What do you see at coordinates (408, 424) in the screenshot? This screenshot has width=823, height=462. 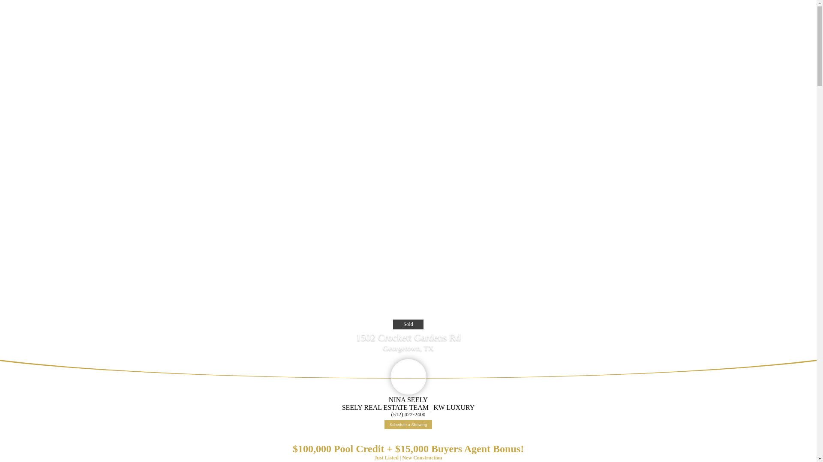 I see `'Schedule a Showing'` at bounding box center [408, 424].